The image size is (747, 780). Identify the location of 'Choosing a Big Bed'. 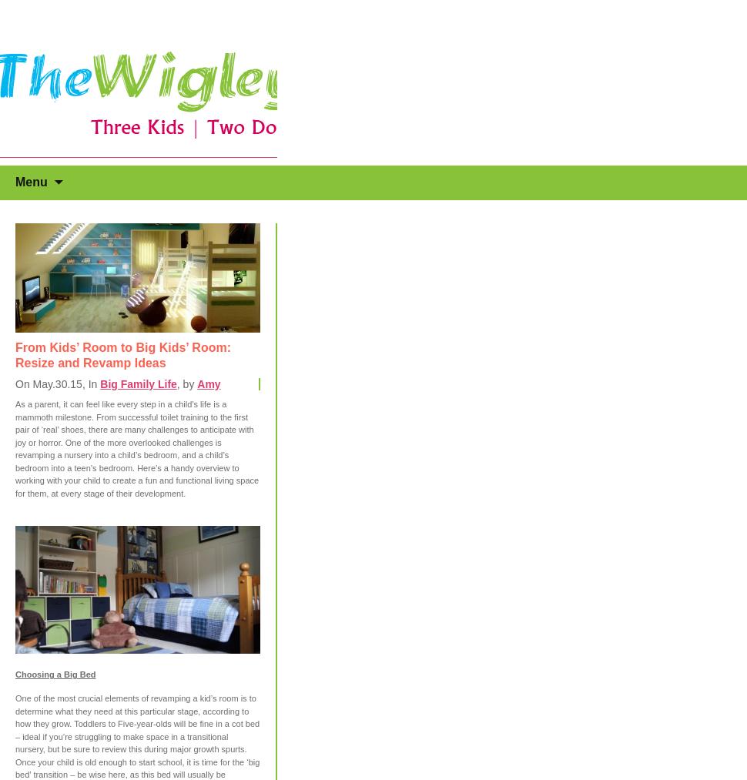
(54, 674).